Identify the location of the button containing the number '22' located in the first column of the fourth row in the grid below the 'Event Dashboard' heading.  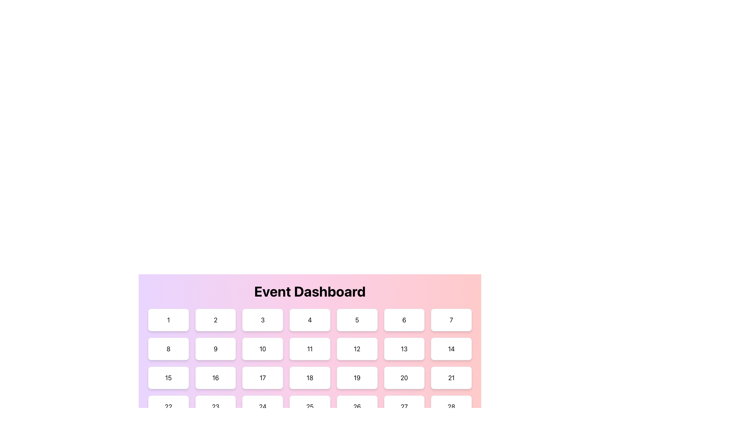
(168, 406).